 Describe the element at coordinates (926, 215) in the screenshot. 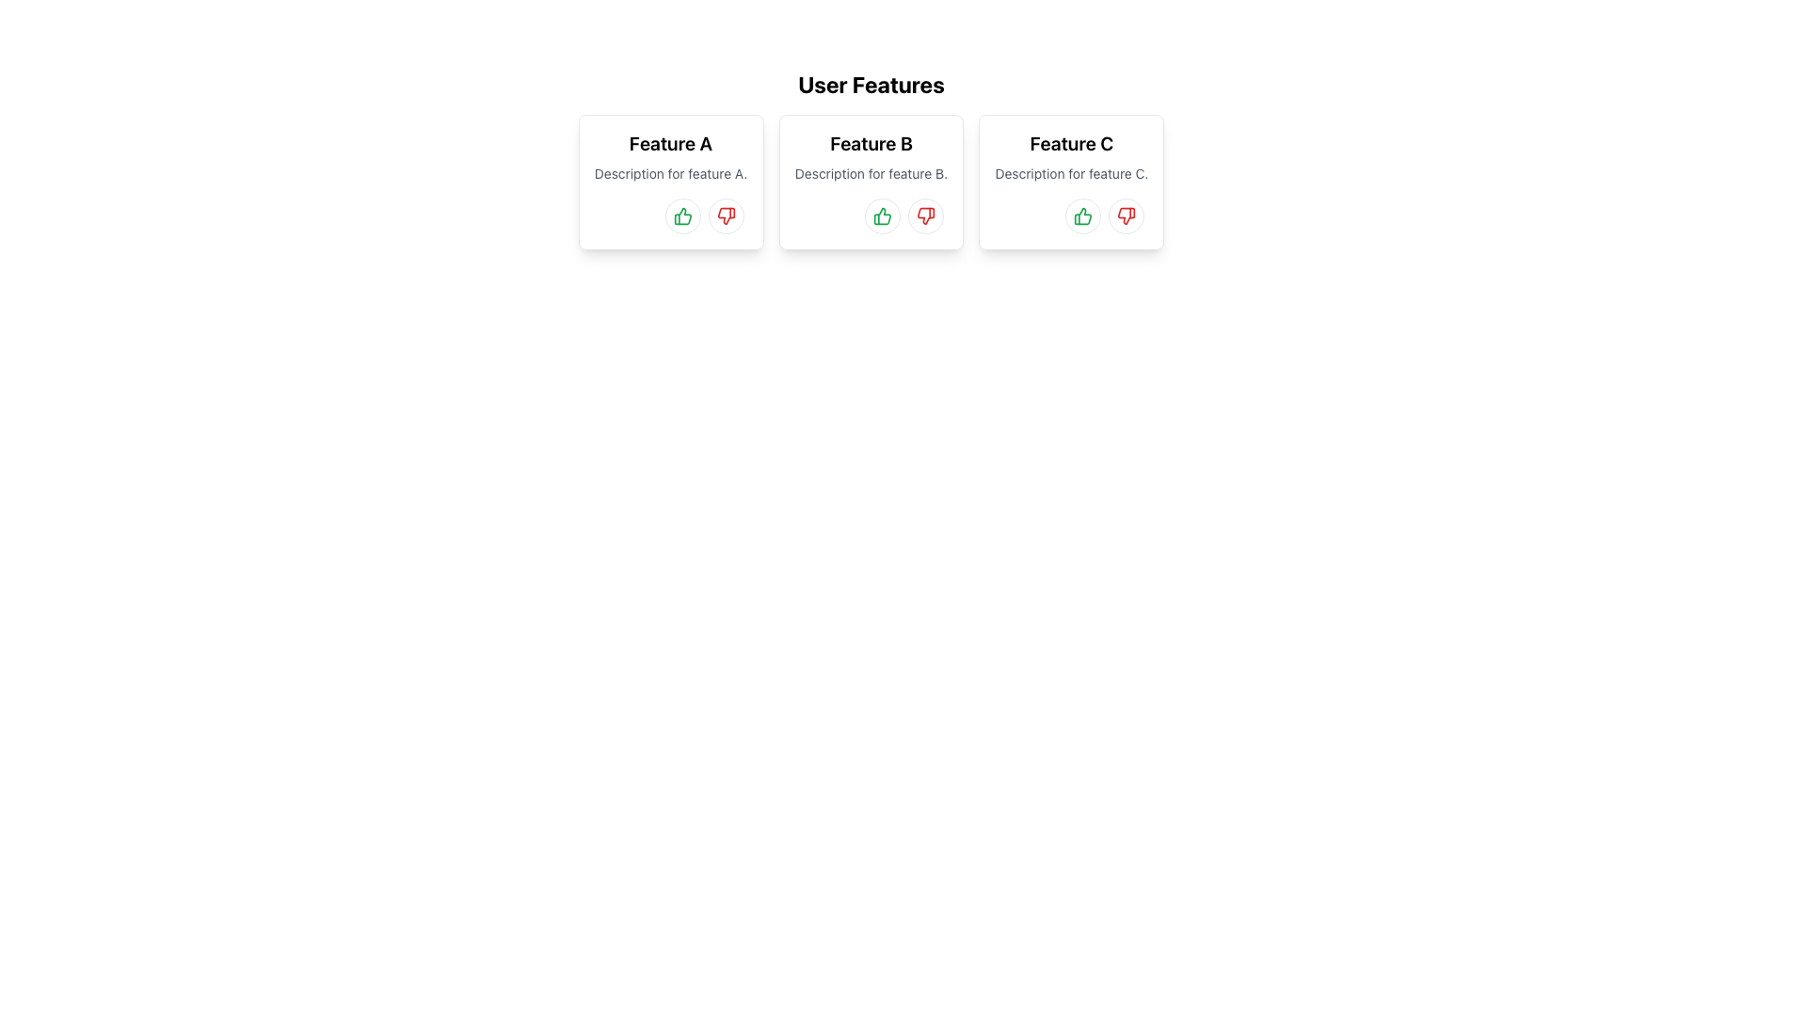

I see `the dislike button with an icon located at the bottom-right corner of the 'Feature B' card` at that location.